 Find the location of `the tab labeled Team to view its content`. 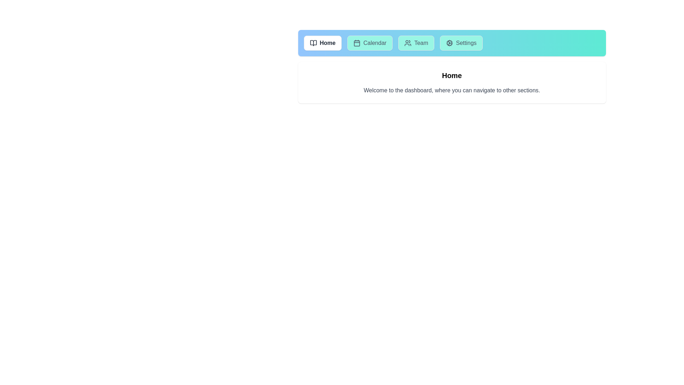

the tab labeled Team to view its content is located at coordinates (416, 43).